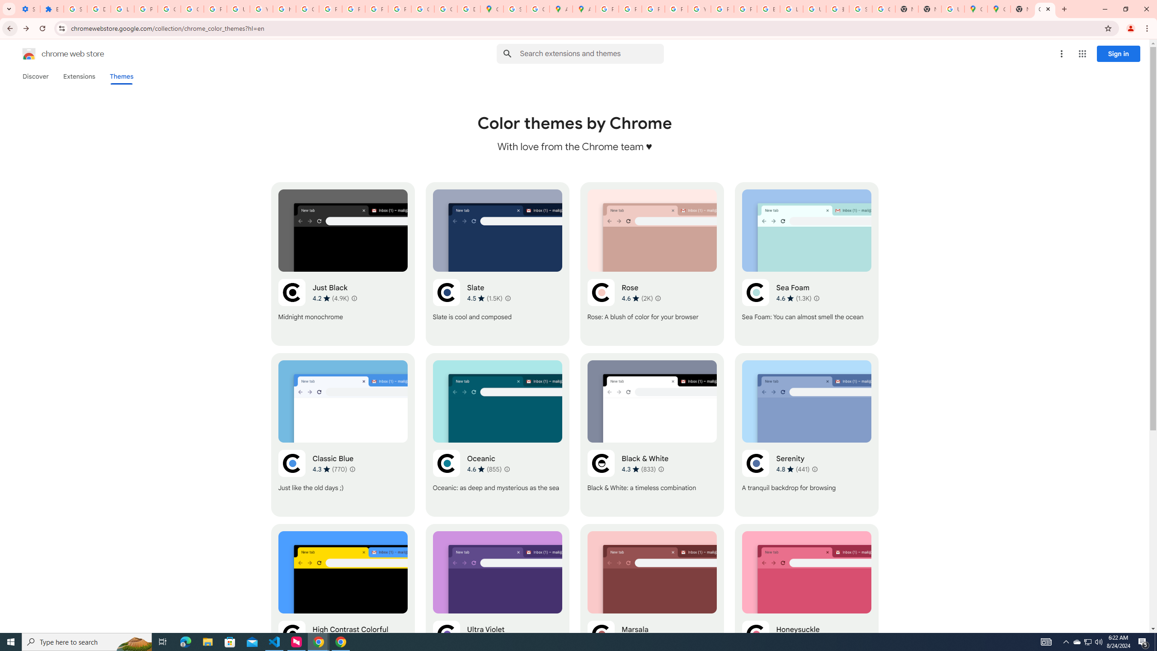 This screenshot has height=651, width=1157. Describe the element at coordinates (329, 469) in the screenshot. I see `'Average rating 4.3 out of 5 stars. 770 ratings.'` at that location.